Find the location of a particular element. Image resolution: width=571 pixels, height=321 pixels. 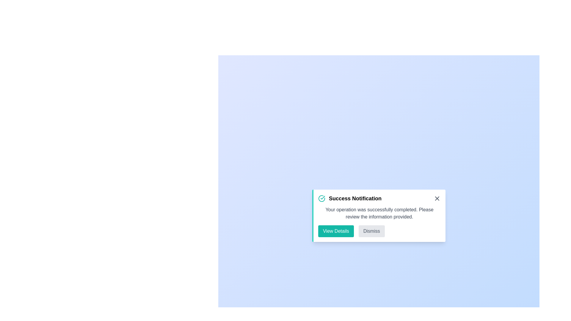

the success notification icon to confirm its presence and appearance is located at coordinates (321, 198).